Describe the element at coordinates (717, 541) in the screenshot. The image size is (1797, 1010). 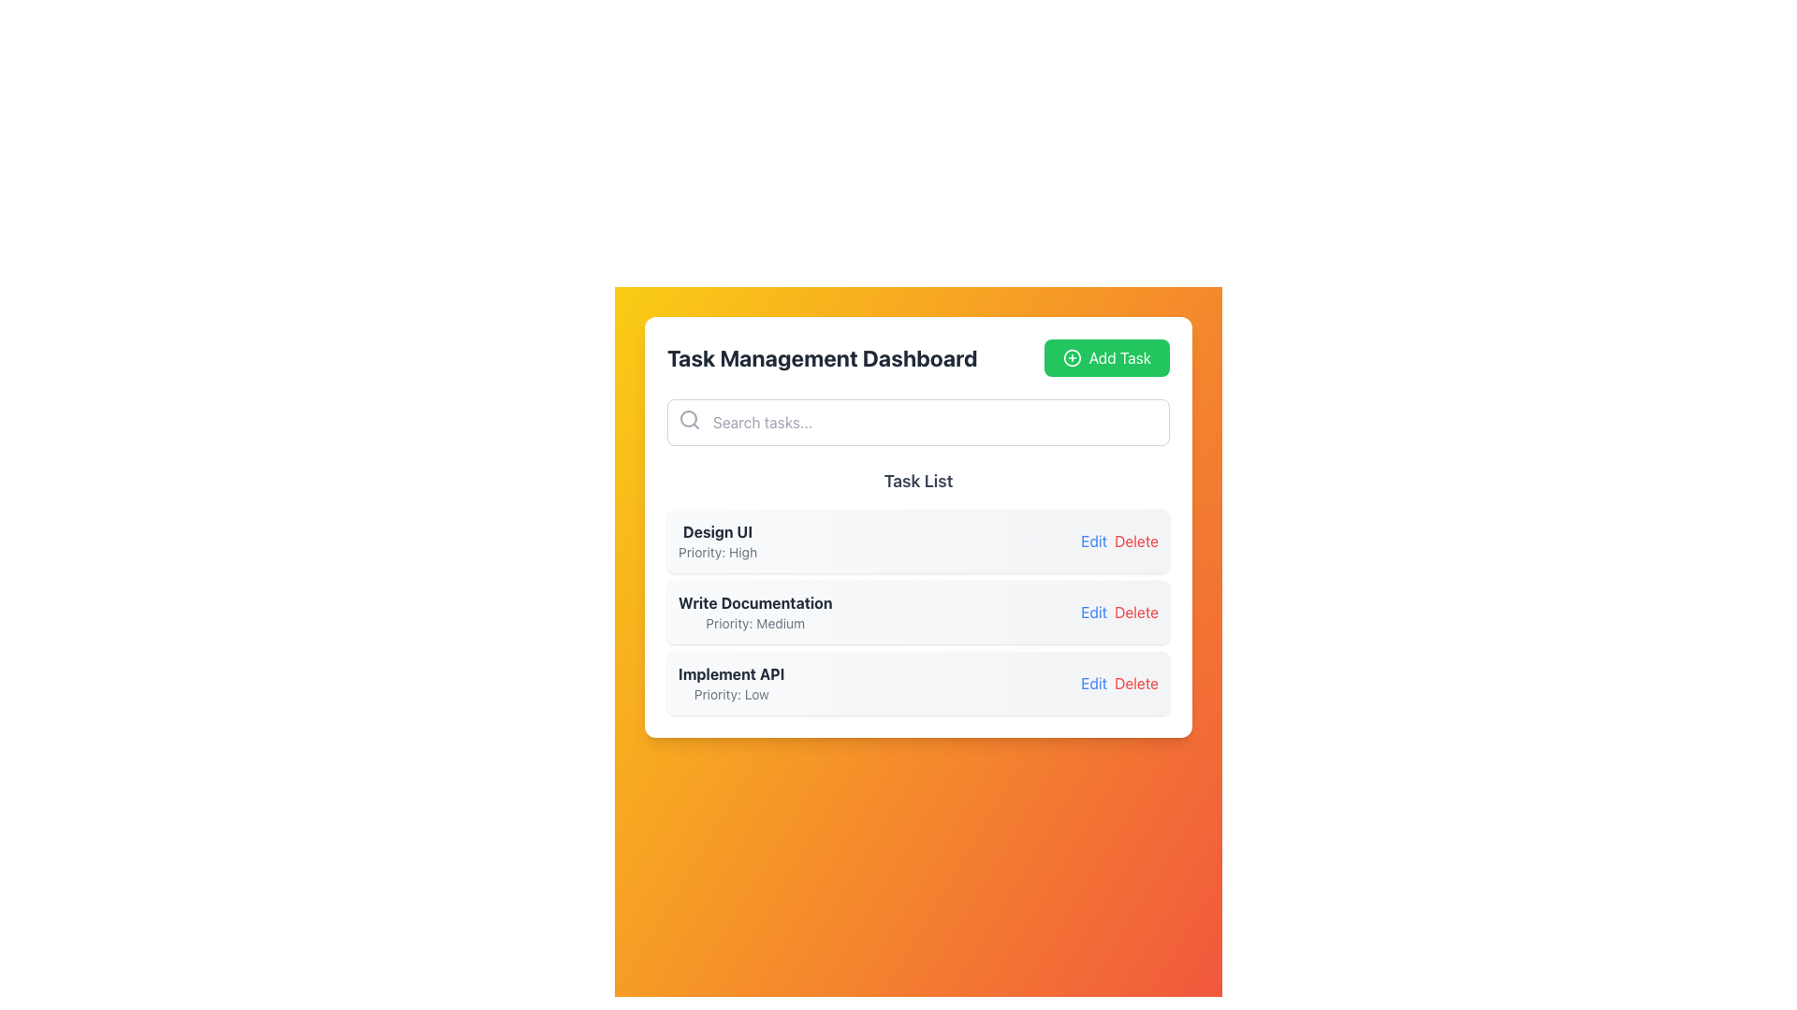
I see `the 'Design UI' text label, which displays task priority information` at that location.